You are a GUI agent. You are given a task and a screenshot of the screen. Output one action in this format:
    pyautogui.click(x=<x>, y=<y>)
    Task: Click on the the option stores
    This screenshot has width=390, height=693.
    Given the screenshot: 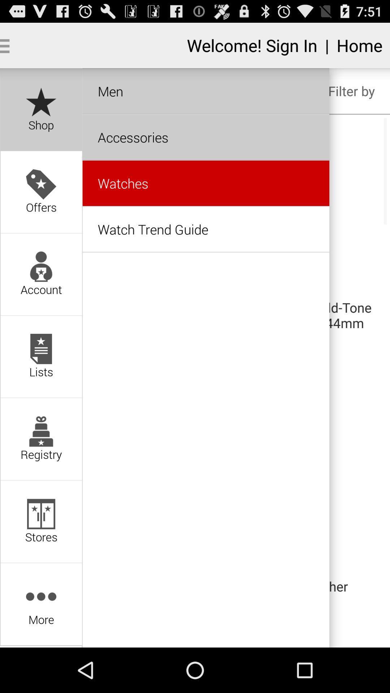 What is the action you would take?
    pyautogui.click(x=41, y=522)
    